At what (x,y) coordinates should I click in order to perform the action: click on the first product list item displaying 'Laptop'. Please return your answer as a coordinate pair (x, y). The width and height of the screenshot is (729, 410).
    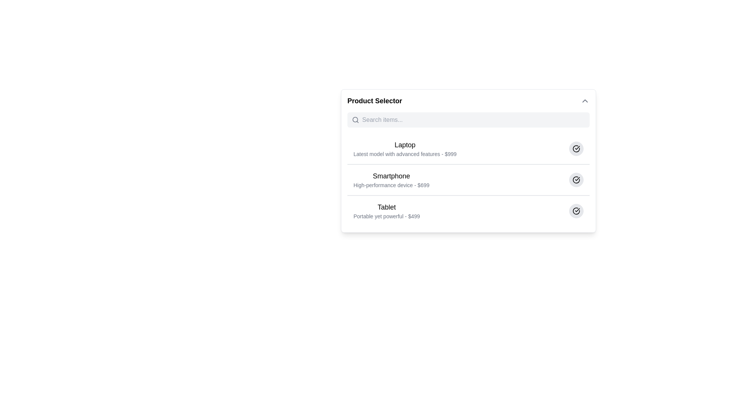
    Looking at the image, I should click on (468, 149).